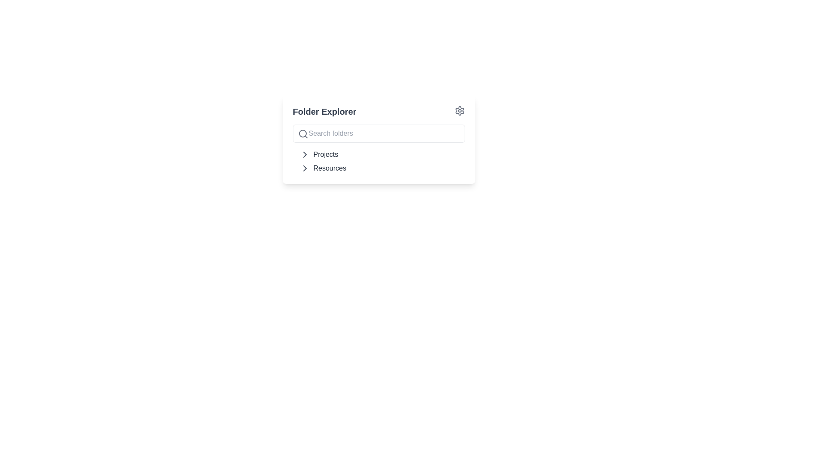  What do you see at coordinates (305, 168) in the screenshot?
I see `the gray arrow icon that indicates navigation, located to the left of the 'Resources' text` at bounding box center [305, 168].